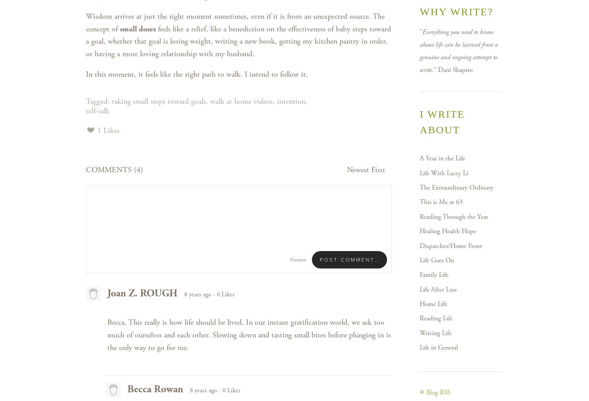  I want to click on 'Life in General', so click(419, 347).